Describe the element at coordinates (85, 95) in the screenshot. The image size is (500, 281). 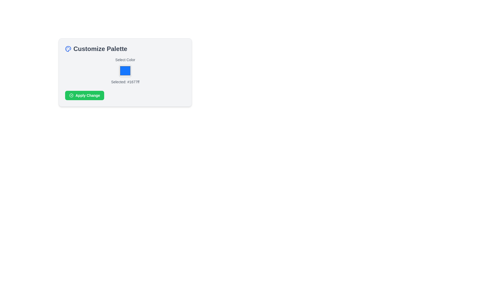
I see `the 'Apply Change' button with a green background and white text, located within the 'Customize Palette' card just below 'Selected: #1677ff'` at that location.